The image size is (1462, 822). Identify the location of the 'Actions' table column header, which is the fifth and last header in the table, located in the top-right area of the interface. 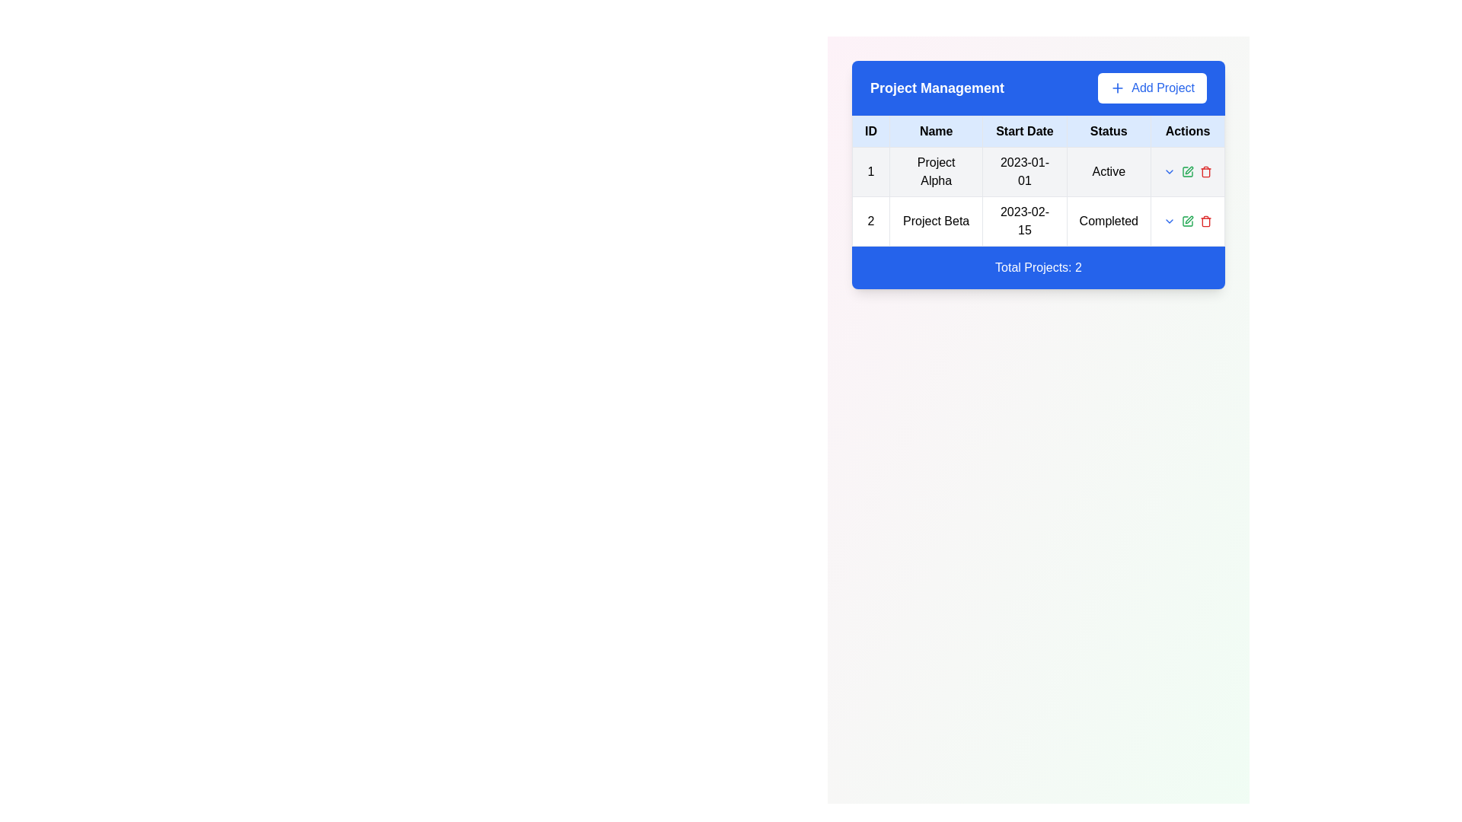
(1187, 131).